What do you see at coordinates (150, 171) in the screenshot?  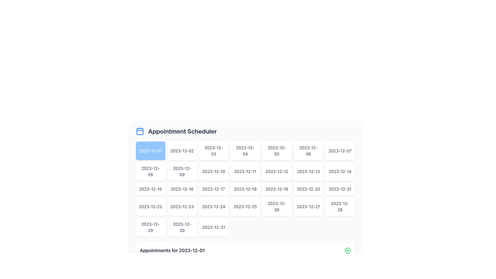 I see `the button with rounded corners displaying '2023-12-08'` at bounding box center [150, 171].